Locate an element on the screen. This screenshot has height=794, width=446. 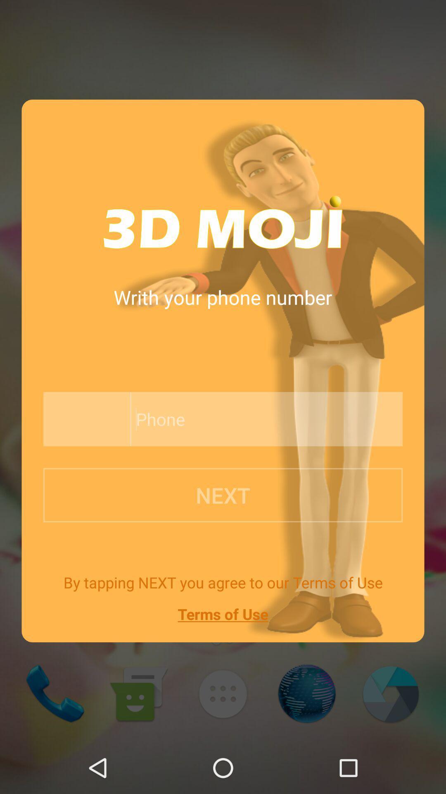
area code is located at coordinates (84, 419).